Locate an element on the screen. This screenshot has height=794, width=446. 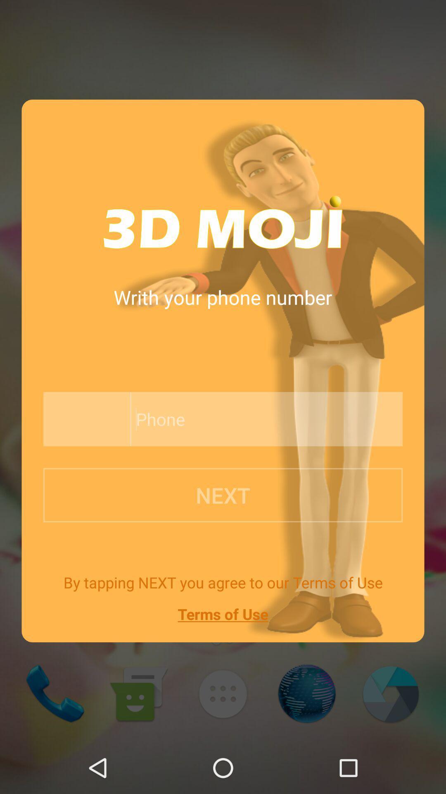
area code is located at coordinates (84, 419).